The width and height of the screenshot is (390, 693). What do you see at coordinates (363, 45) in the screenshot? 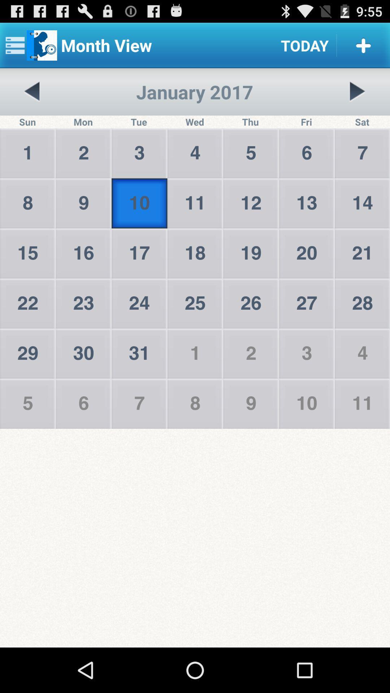
I see `event` at bounding box center [363, 45].